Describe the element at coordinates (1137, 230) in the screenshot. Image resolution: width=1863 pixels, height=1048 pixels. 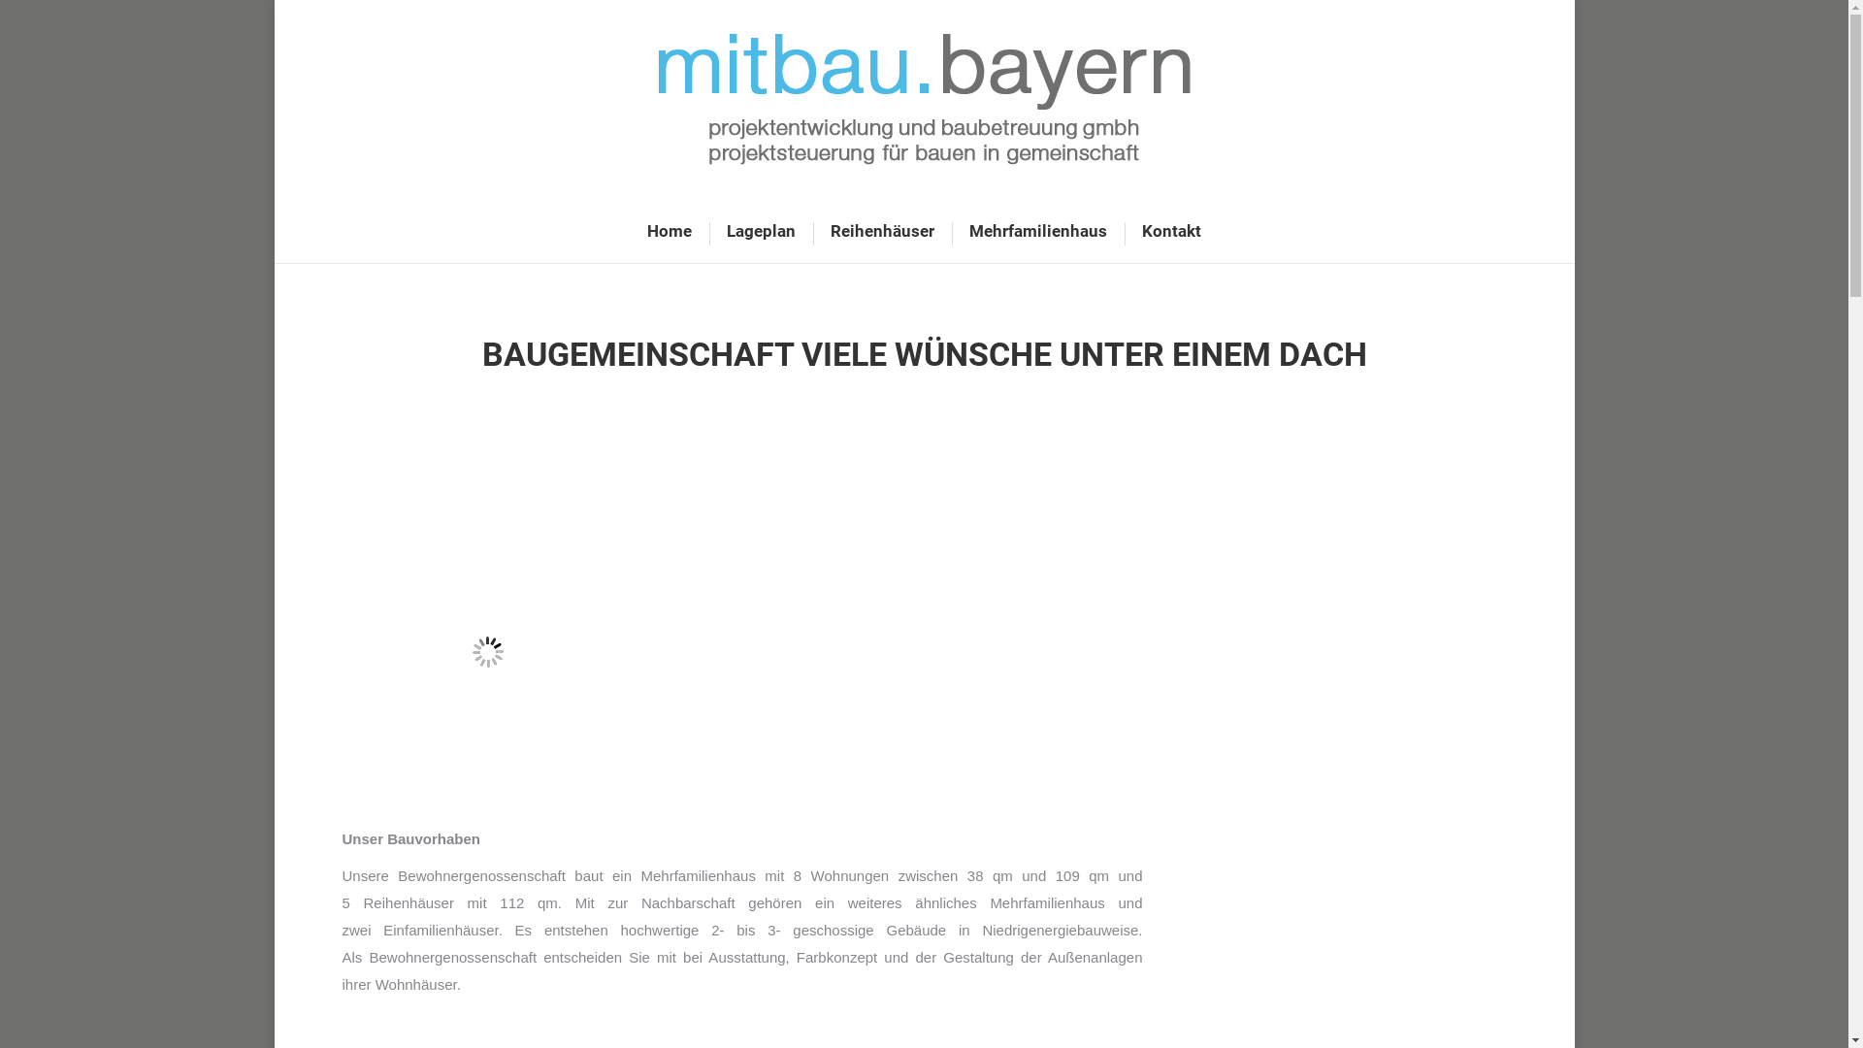
I see `'Kontakt'` at that location.